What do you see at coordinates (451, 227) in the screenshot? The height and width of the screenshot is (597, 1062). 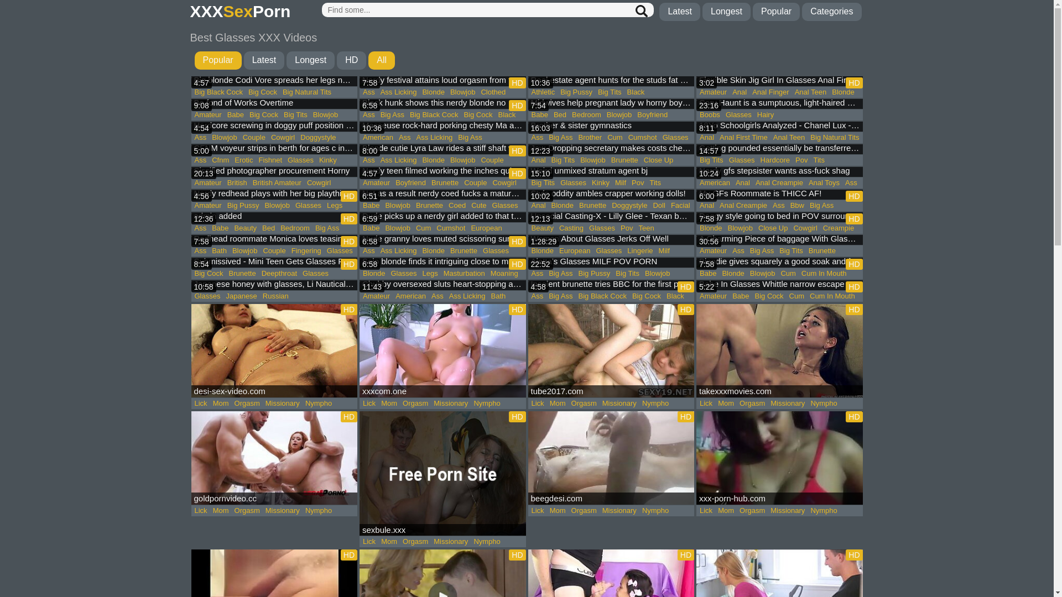 I see `'Cumshot'` at bounding box center [451, 227].